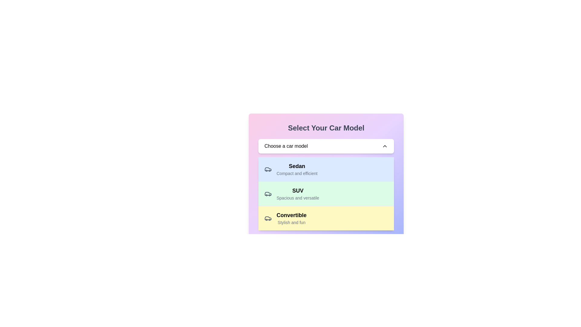  Describe the element at coordinates (268, 218) in the screenshot. I see `the car icon, which is a stylized red car graphic located next to the 'Convertible' text in the options list` at that location.